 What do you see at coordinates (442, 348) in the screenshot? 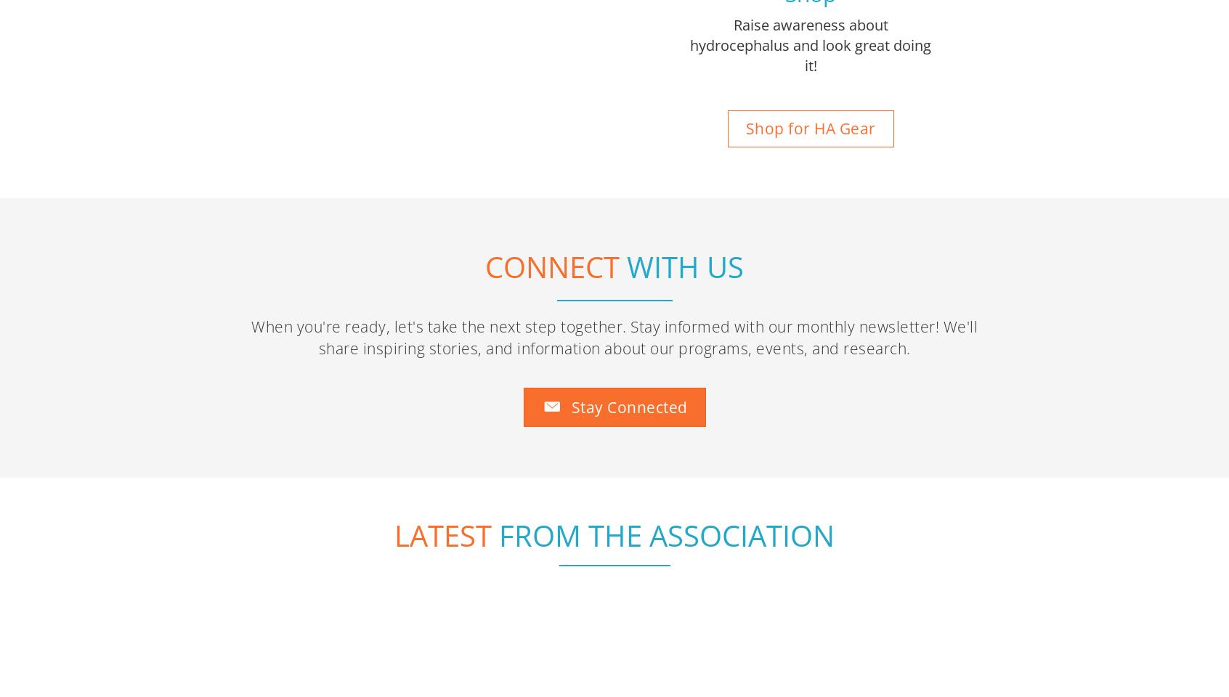
I see `'Latest'` at bounding box center [442, 348].